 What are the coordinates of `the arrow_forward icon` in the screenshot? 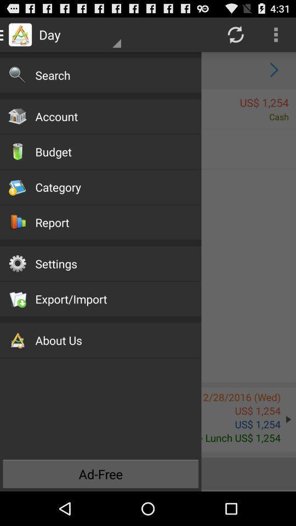 It's located at (274, 74).